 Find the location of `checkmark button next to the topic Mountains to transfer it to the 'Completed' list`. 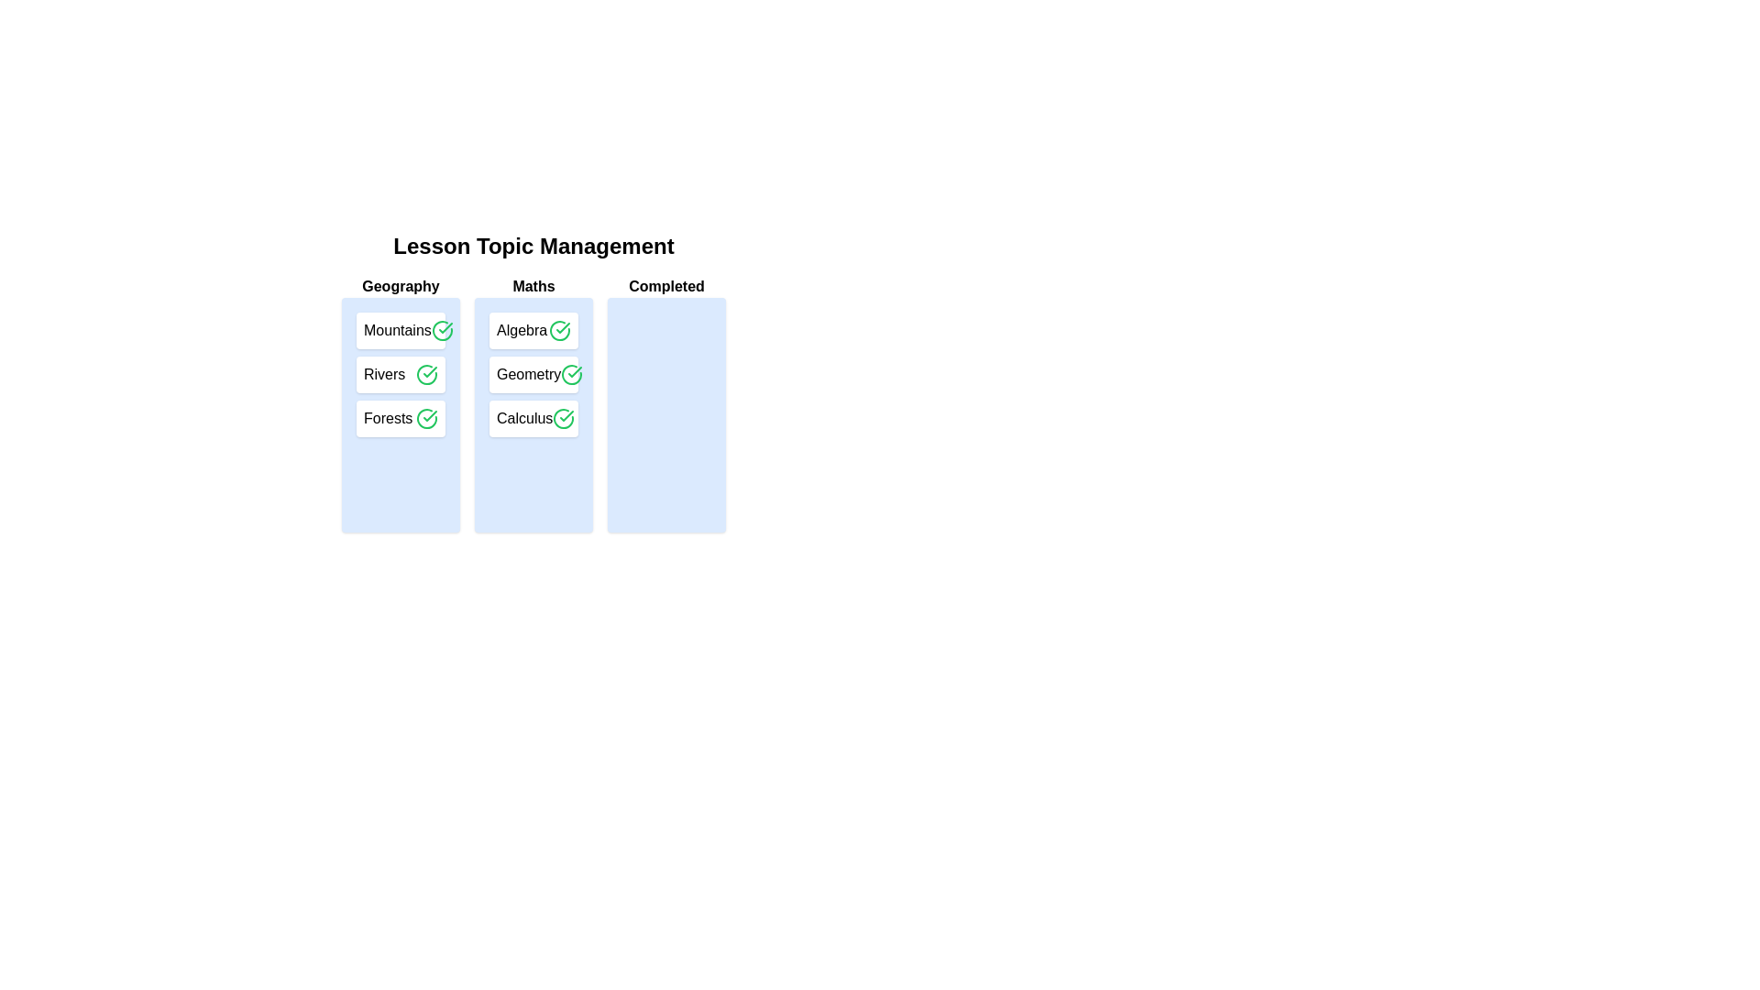

checkmark button next to the topic Mountains to transfer it to the 'Completed' list is located at coordinates (442, 331).